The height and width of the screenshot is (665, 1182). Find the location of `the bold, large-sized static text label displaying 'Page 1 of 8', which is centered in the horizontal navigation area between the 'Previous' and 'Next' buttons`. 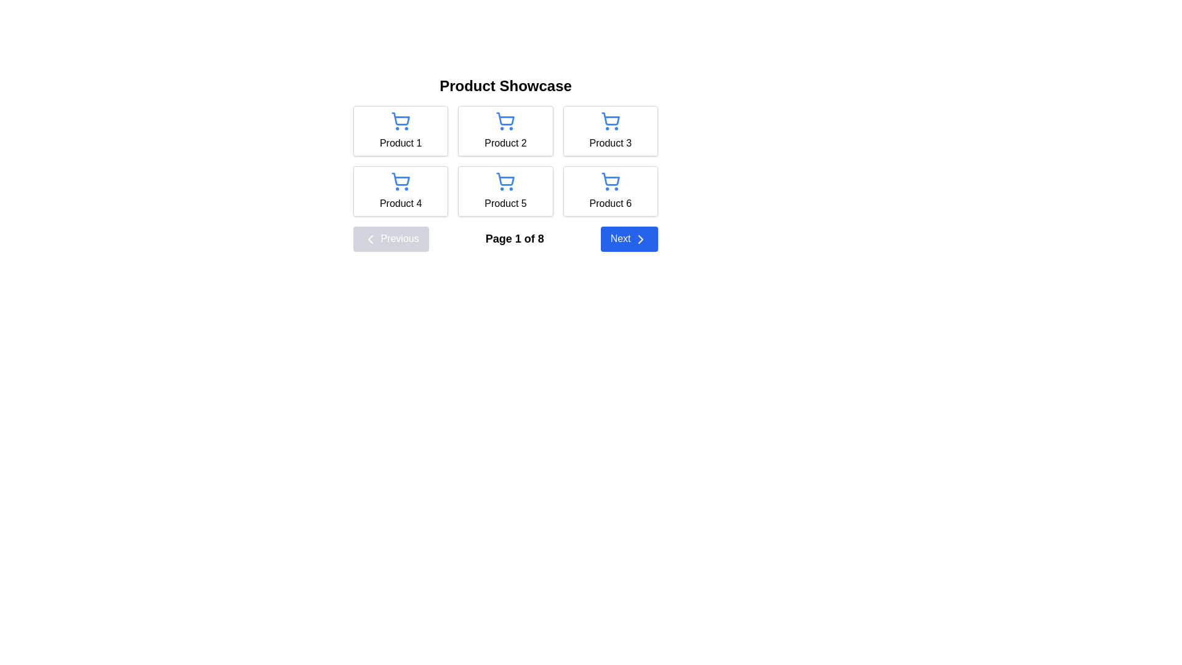

the bold, large-sized static text label displaying 'Page 1 of 8', which is centered in the horizontal navigation area between the 'Previous' and 'Next' buttons is located at coordinates (515, 239).